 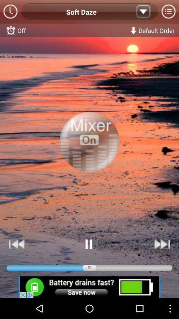 What do you see at coordinates (89, 287) in the screenshot?
I see `option below screen for saving battery life` at bounding box center [89, 287].